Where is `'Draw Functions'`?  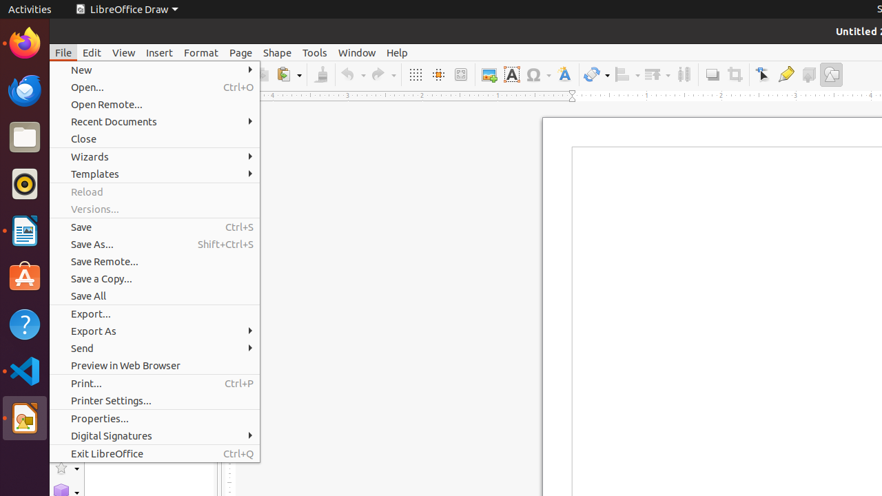 'Draw Functions' is located at coordinates (830, 74).